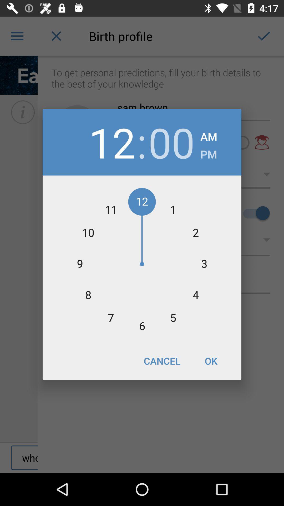  What do you see at coordinates (209, 135) in the screenshot?
I see `the am` at bounding box center [209, 135].